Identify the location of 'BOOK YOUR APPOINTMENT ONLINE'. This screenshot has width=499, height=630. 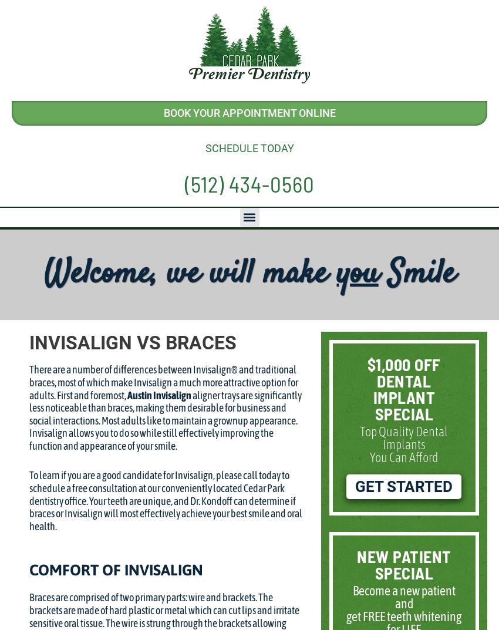
(249, 113).